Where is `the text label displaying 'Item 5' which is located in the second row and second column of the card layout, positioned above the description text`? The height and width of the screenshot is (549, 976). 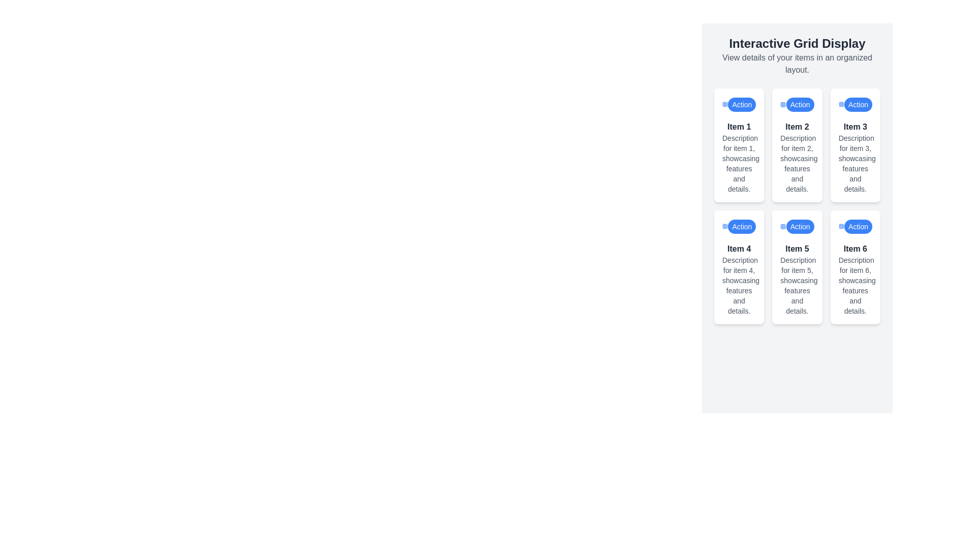 the text label displaying 'Item 5' which is located in the second row and second column of the card layout, positioned above the description text is located at coordinates (797, 249).